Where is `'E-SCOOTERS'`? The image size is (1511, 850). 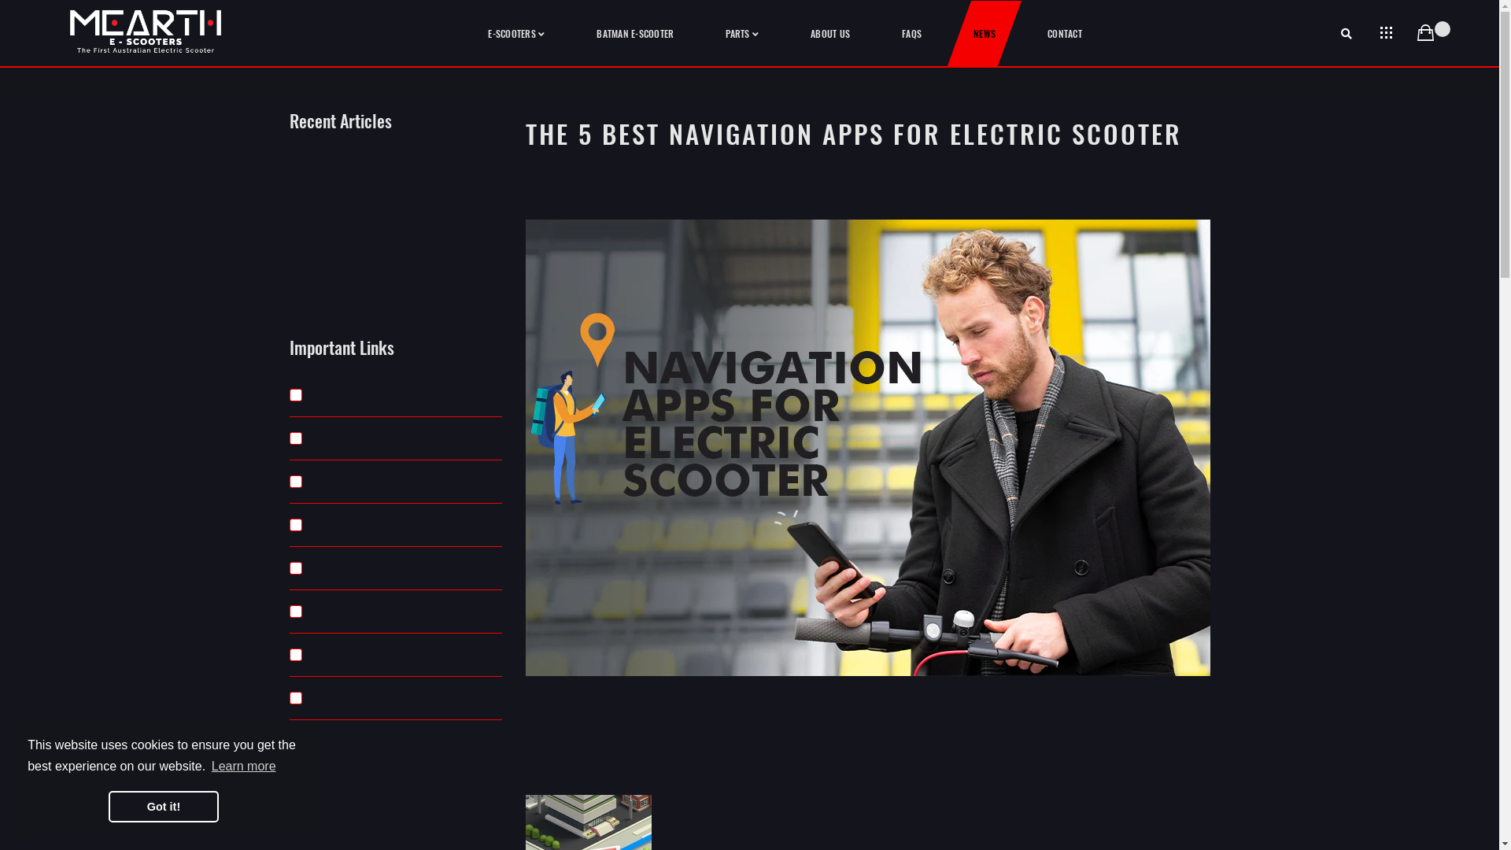
'E-SCOOTERS' is located at coordinates (516, 33).